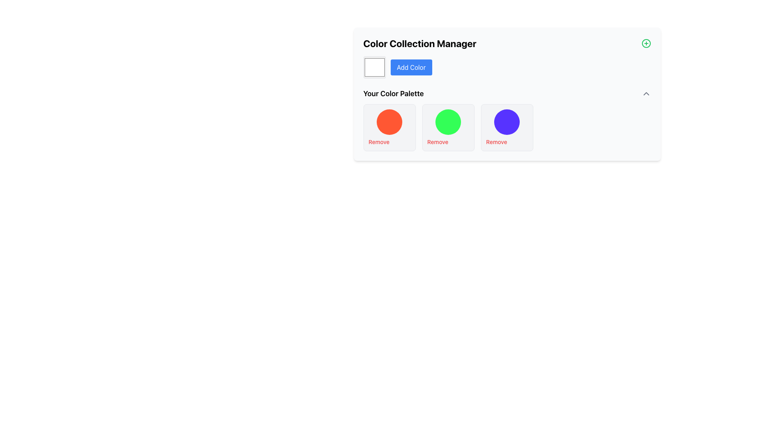 The image size is (767, 431). What do you see at coordinates (496, 141) in the screenshot?
I see `the button located at the bottom-center of the third card in the 'Your Color Palette' section` at bounding box center [496, 141].